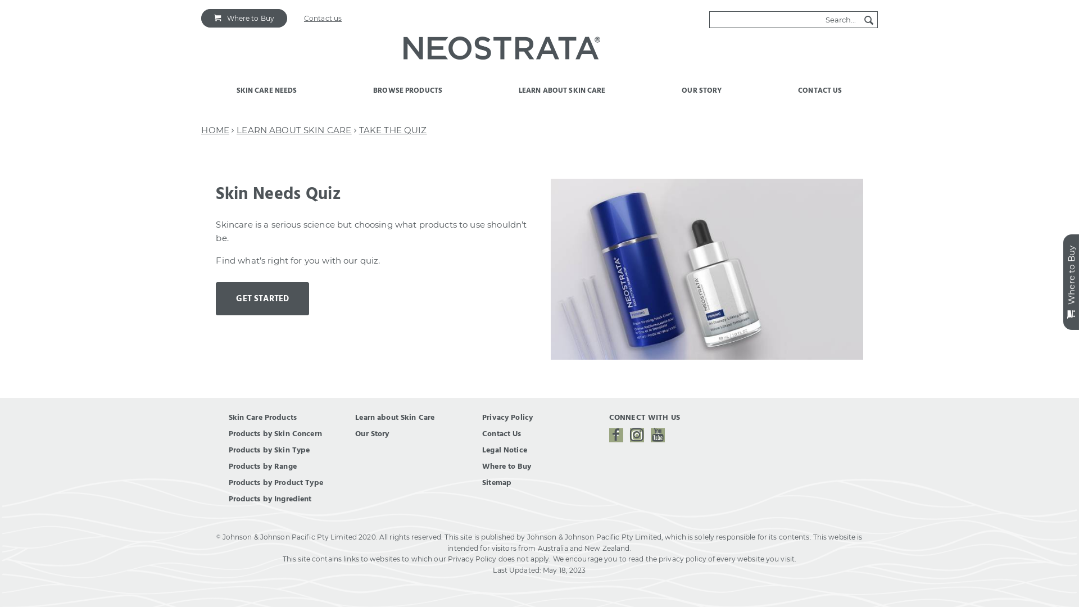 The image size is (1079, 607). I want to click on 'Skin Care Products', so click(262, 418).